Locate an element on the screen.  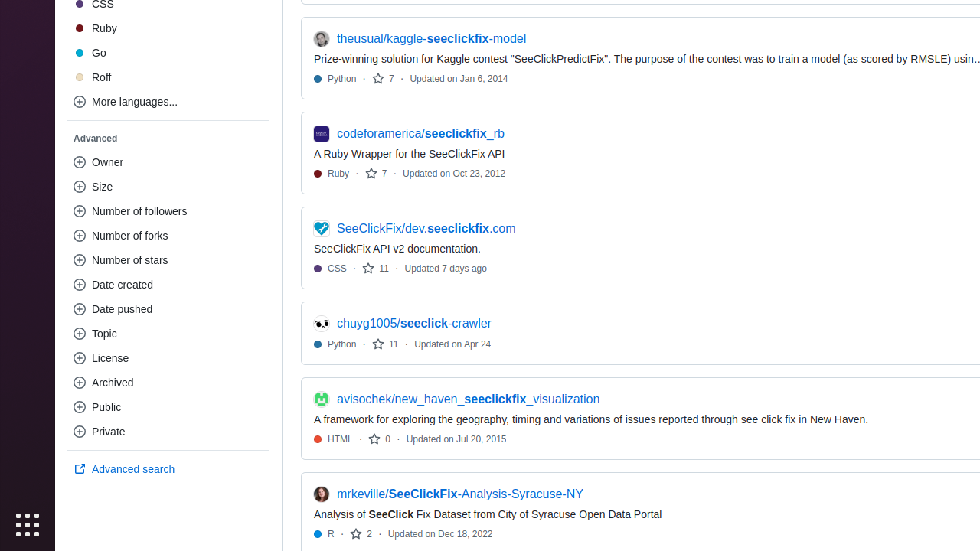
'‎Topic‎' is located at coordinates (168, 333).